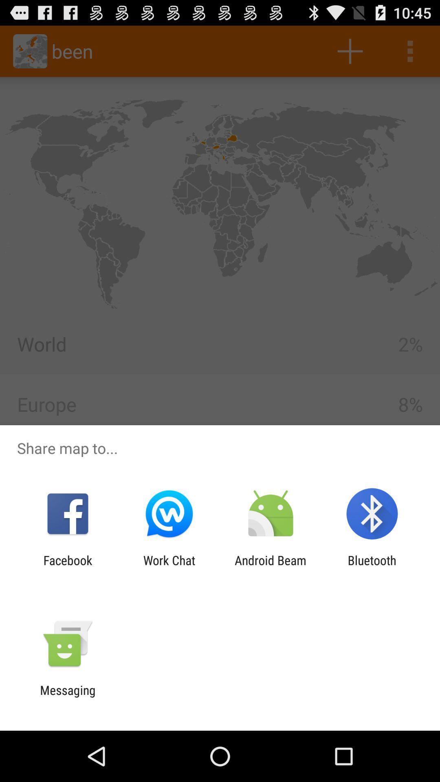 The width and height of the screenshot is (440, 782). Describe the element at coordinates (169, 567) in the screenshot. I see `app to the left of the android beam` at that location.